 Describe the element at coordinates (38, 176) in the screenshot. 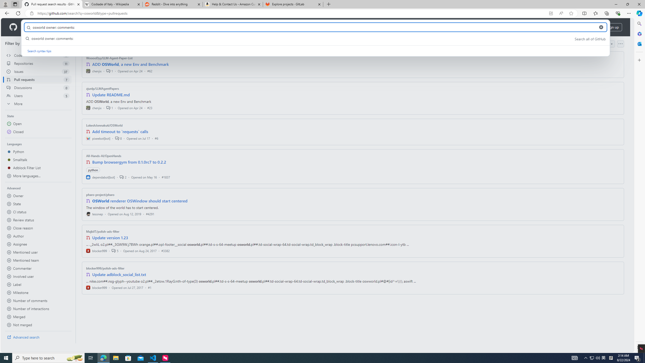

I see `'More languages...'` at that location.